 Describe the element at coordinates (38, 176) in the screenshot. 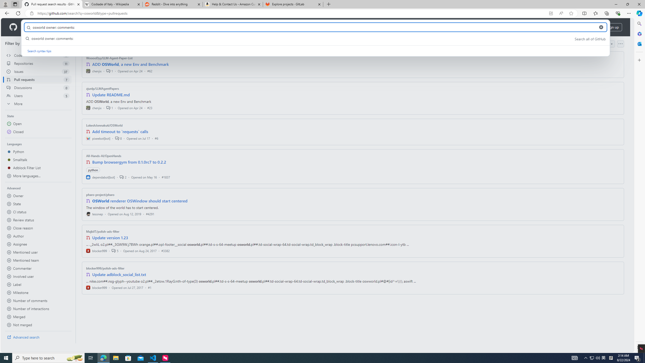

I see `'More languages...'` at that location.